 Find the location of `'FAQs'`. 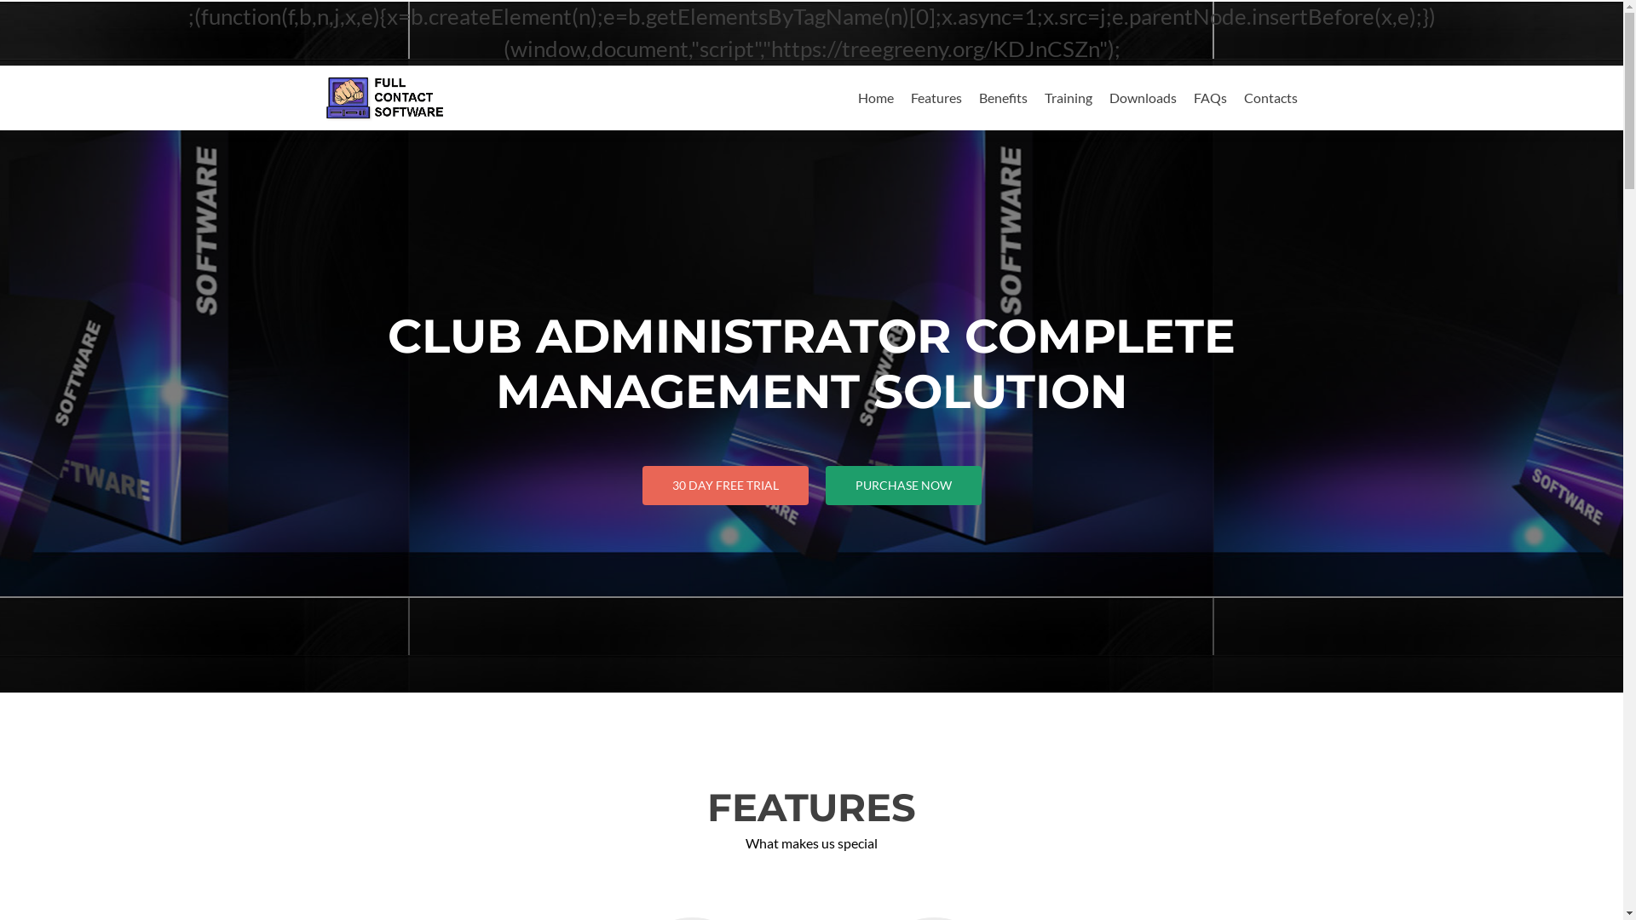

'FAQs' is located at coordinates (1208, 97).